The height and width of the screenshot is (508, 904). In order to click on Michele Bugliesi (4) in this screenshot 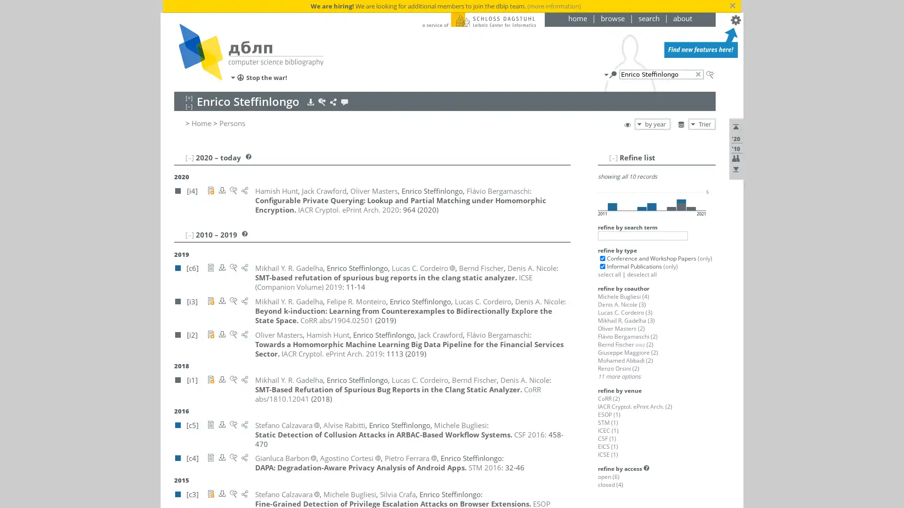, I will do `click(623, 296)`.